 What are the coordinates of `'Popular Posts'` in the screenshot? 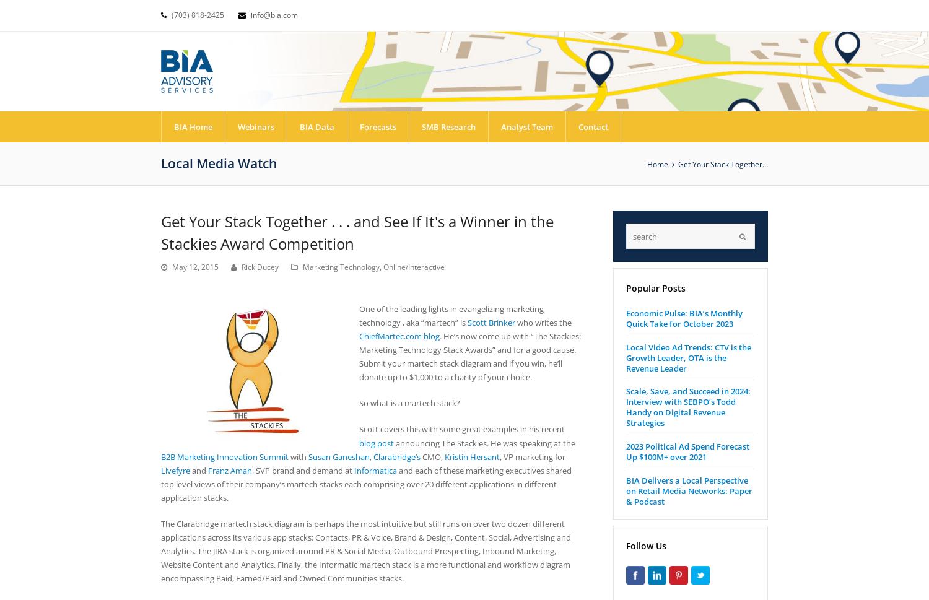 It's located at (656, 288).